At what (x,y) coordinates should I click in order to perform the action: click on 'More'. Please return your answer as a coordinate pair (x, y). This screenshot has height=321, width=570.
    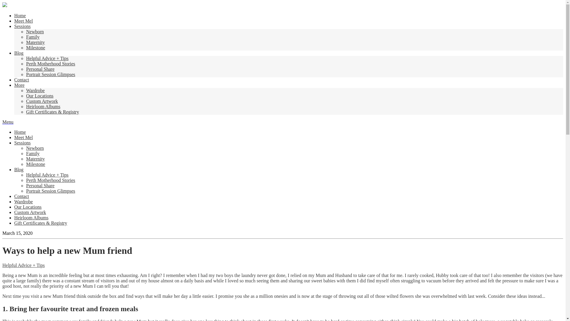
    Looking at the image, I should click on (19, 85).